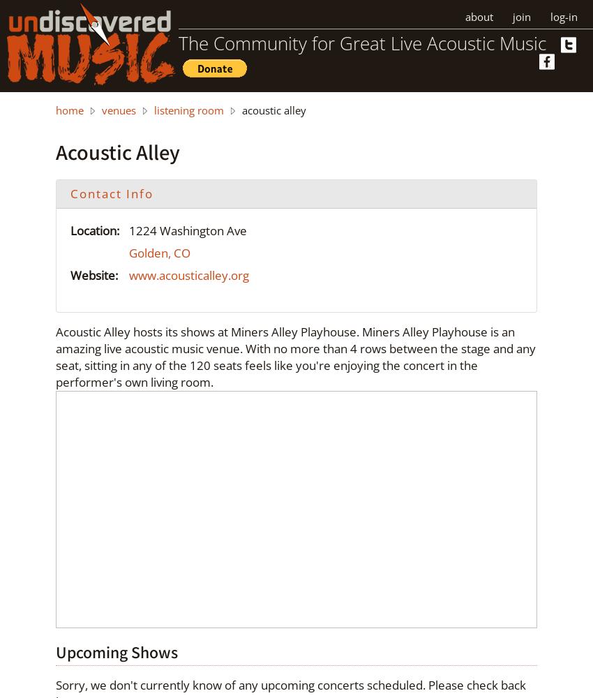 This screenshot has width=593, height=698. I want to click on 'acoustic alley', so click(273, 110).